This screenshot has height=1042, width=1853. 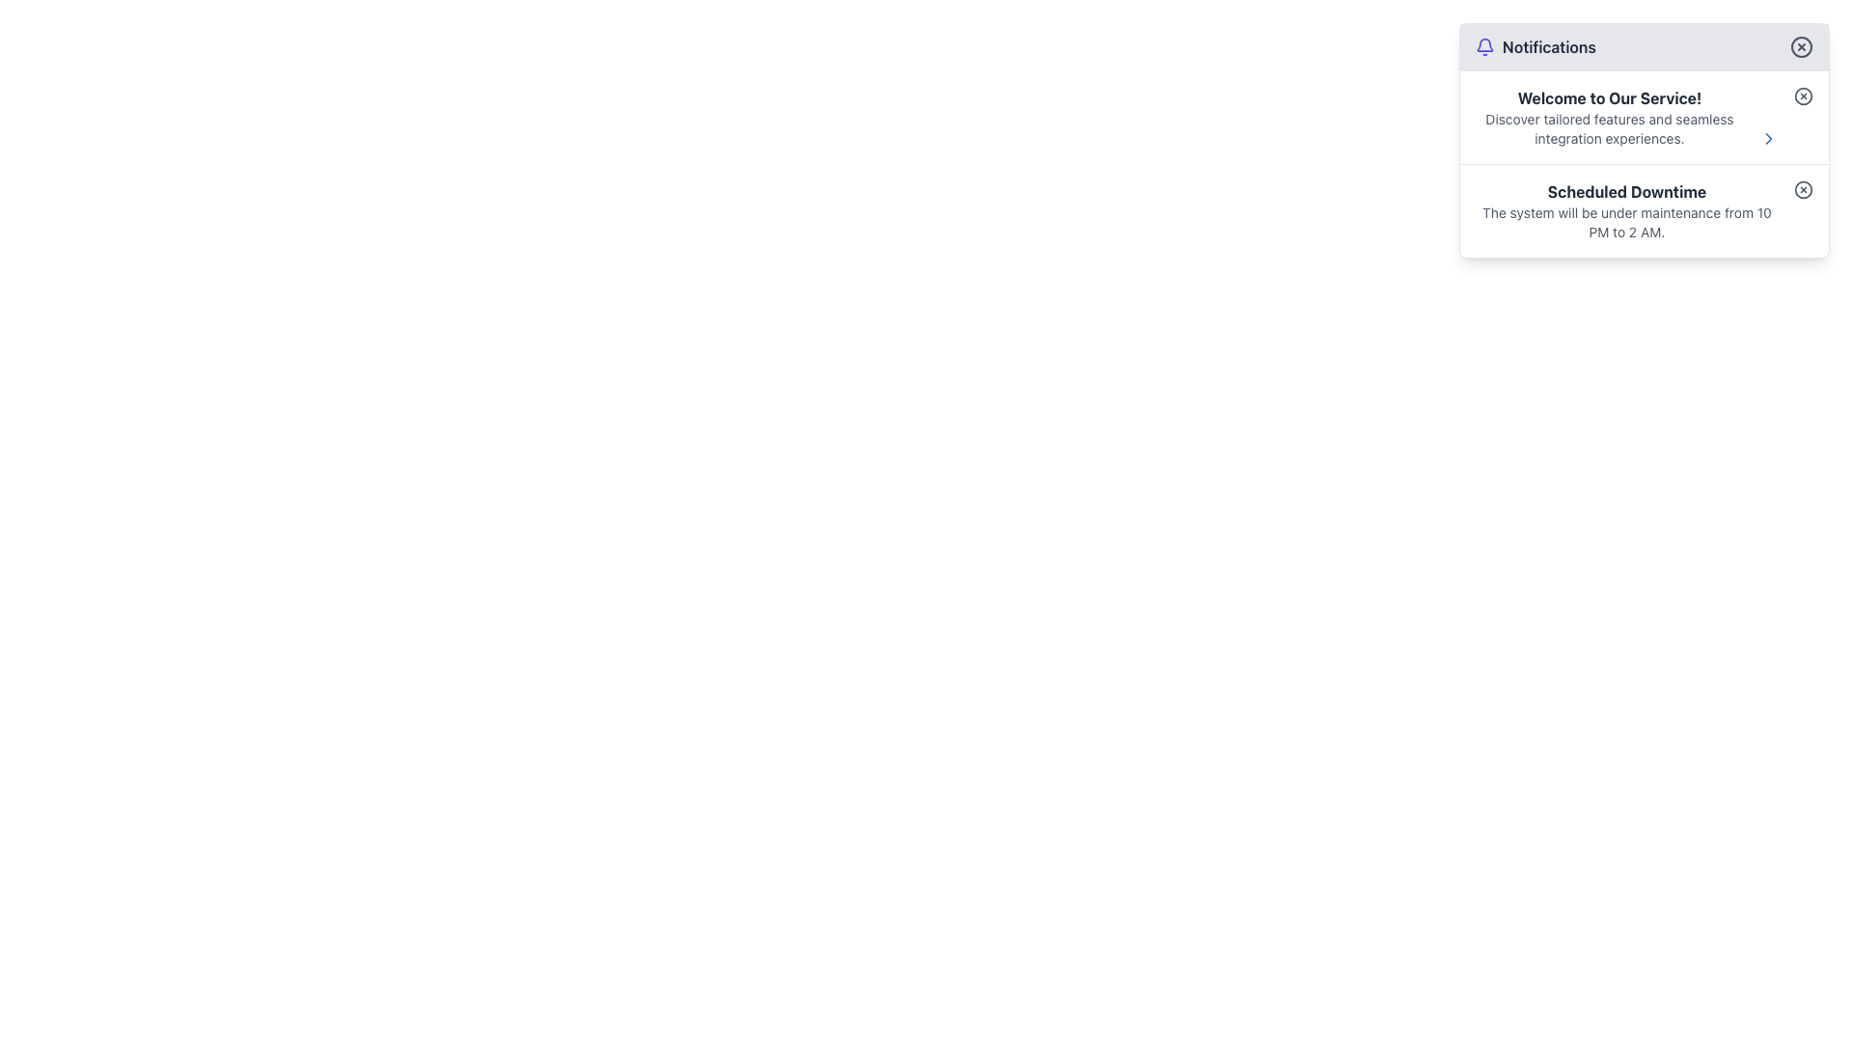 I want to click on title text of the notification entry, which summarizes the primary information of the associated message, positioned above the message regarding system maintenance, so click(x=1625, y=192).